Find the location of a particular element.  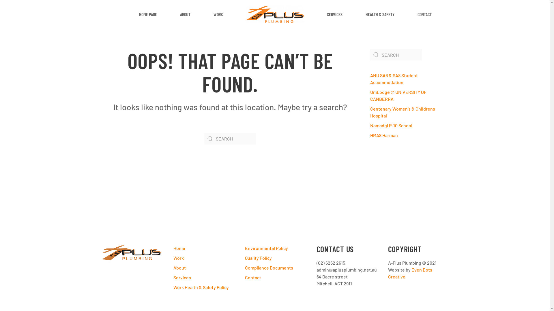

'Namadgi P-10 School' is located at coordinates (391, 125).